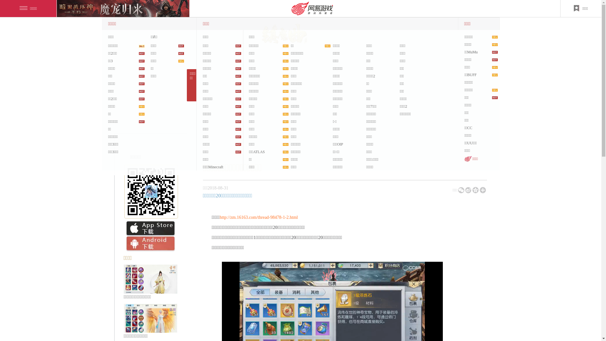  I want to click on 'http://zm.16163.com/thread-98478-1-2.html', so click(220, 217).